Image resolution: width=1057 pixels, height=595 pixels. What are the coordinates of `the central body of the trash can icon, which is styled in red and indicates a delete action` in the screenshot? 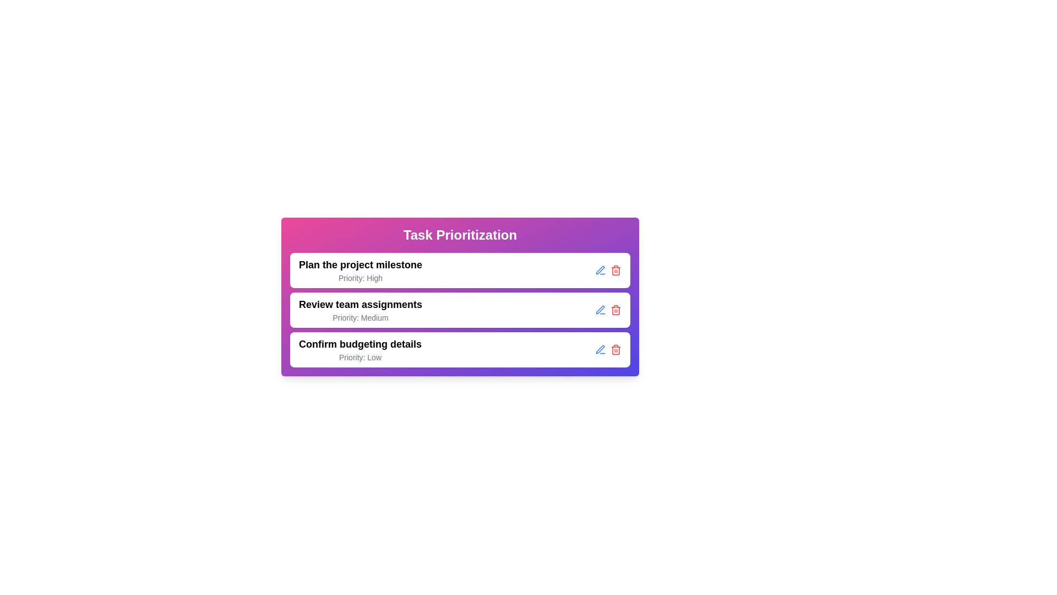 It's located at (615, 310).